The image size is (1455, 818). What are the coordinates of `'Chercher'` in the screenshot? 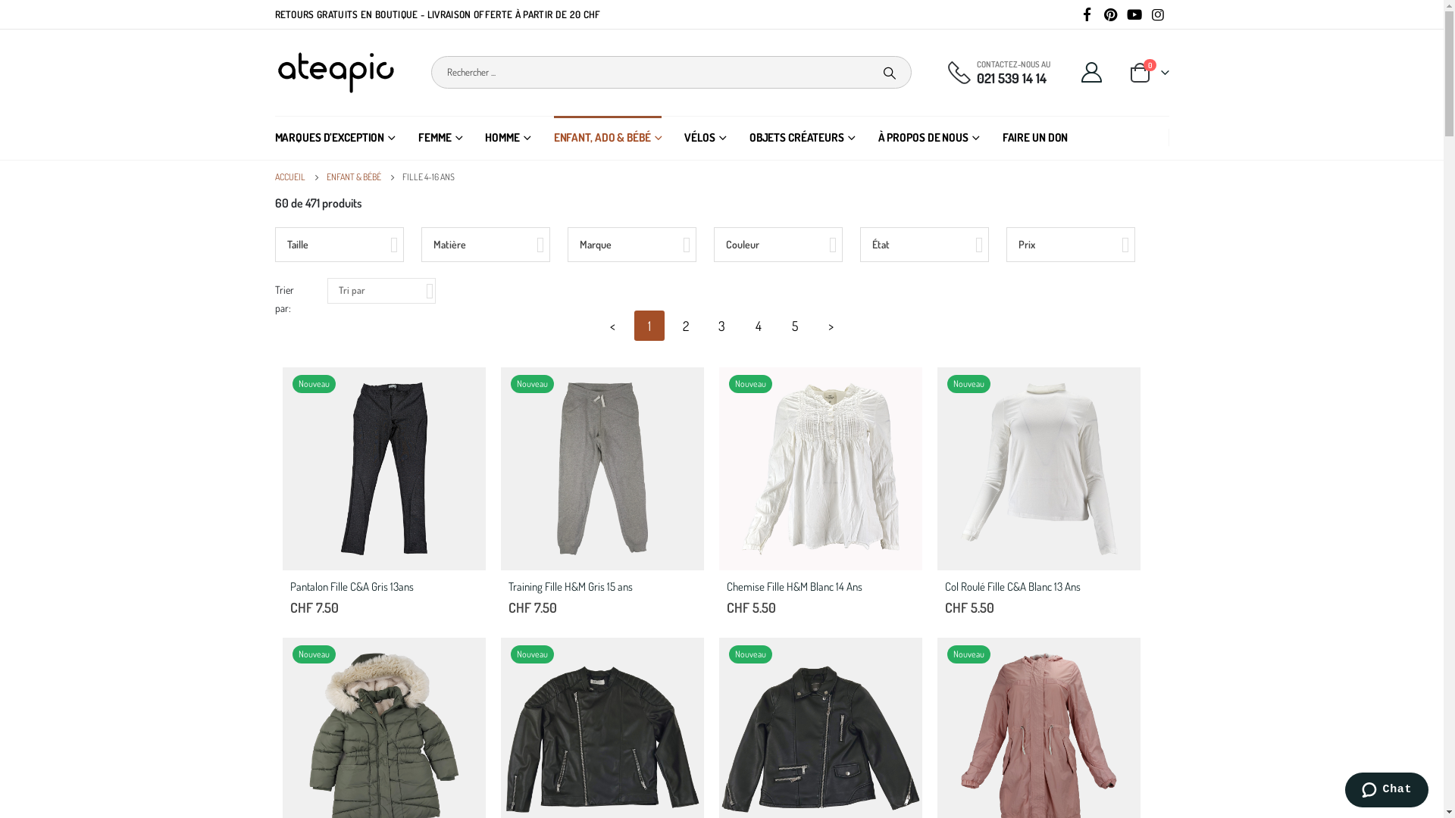 It's located at (890, 73).